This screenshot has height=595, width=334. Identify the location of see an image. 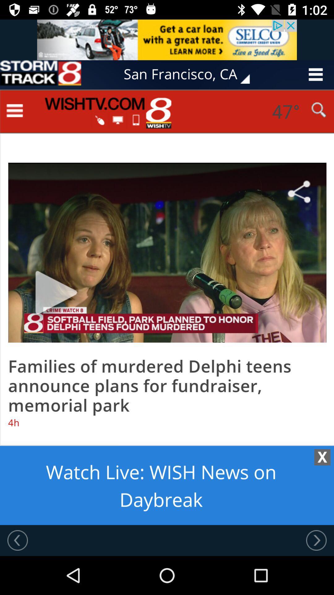
(167, 39).